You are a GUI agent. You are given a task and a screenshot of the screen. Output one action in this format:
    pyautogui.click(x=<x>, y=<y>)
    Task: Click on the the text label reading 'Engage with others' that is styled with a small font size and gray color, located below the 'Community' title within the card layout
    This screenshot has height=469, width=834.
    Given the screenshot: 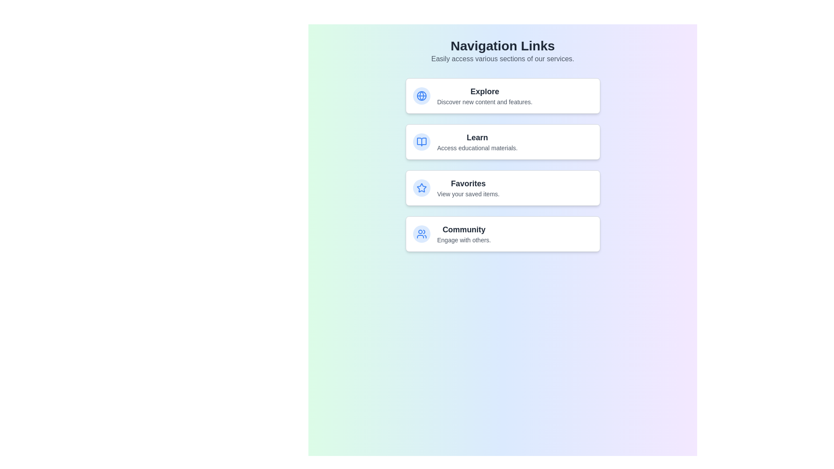 What is the action you would take?
    pyautogui.click(x=463, y=240)
    